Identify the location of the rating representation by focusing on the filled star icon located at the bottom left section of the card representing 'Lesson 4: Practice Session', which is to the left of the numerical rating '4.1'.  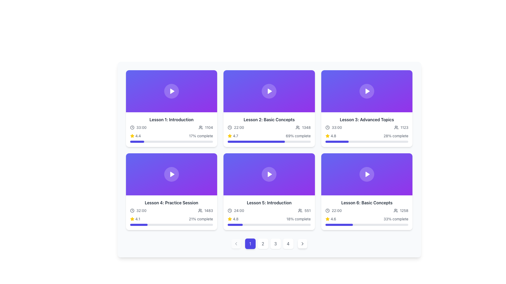
(132, 219).